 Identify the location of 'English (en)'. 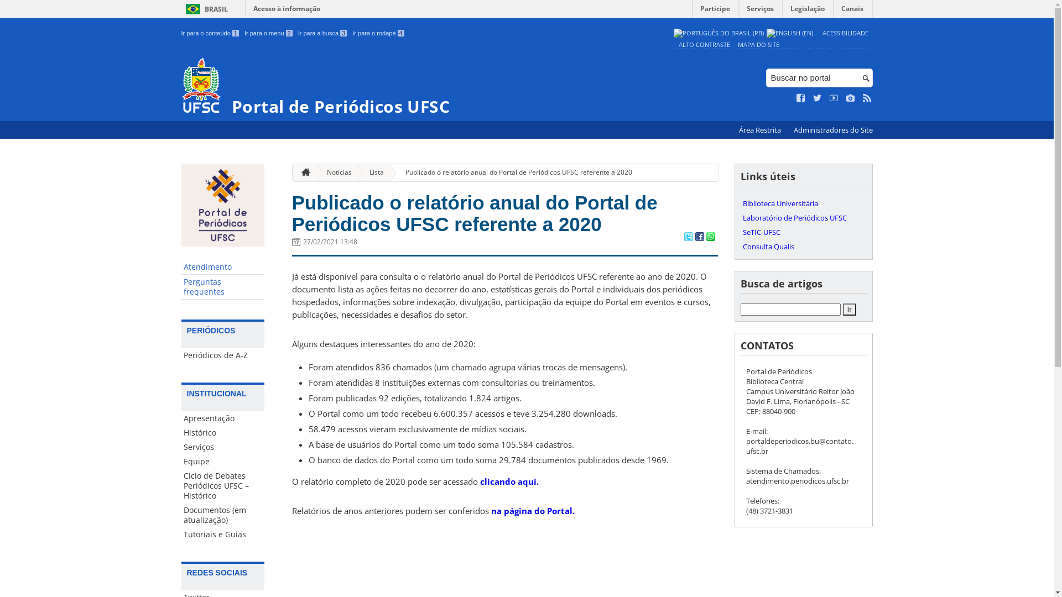
(766, 32).